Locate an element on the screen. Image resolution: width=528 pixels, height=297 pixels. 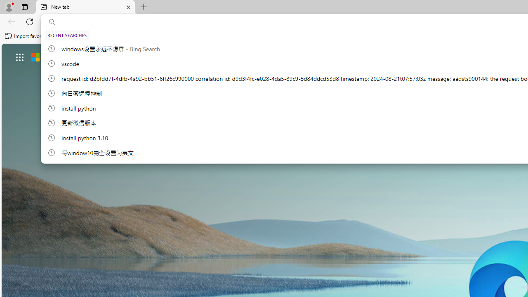
'App launcher' is located at coordinates (20, 57).